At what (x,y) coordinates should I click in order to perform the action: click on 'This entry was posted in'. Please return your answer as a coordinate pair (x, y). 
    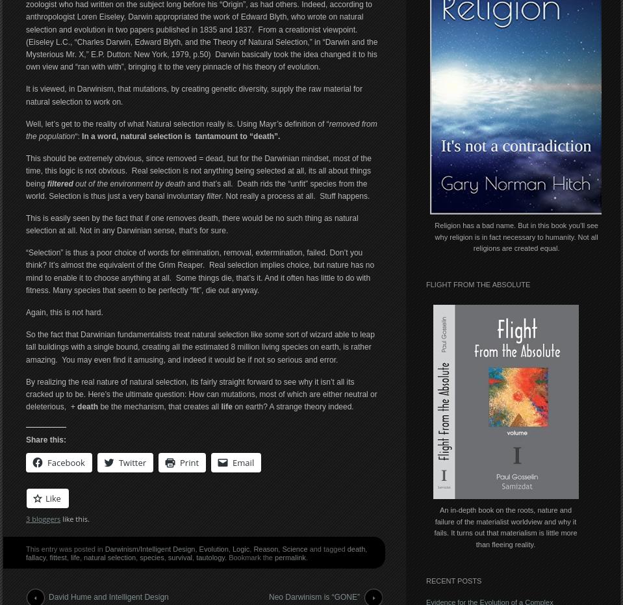
    Looking at the image, I should click on (65, 548).